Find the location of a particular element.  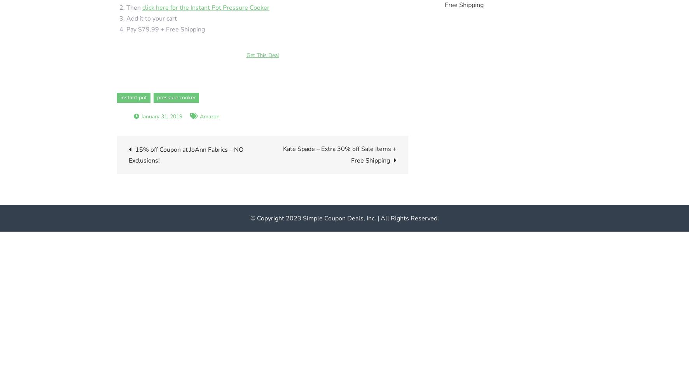

'Add it to your cart' is located at coordinates (152, 18).